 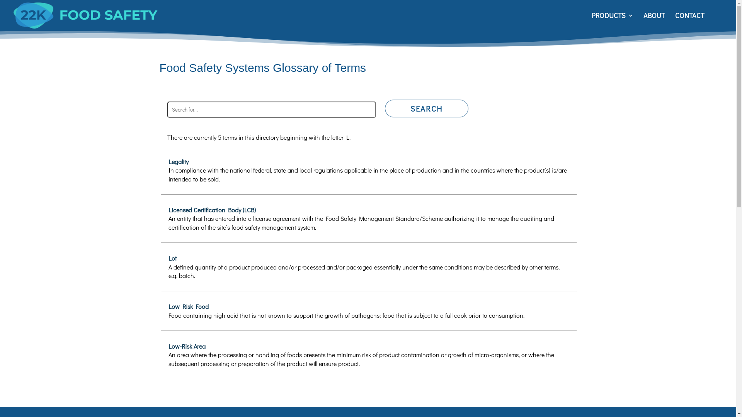 I want to click on 'ABOUT', so click(x=643, y=21).